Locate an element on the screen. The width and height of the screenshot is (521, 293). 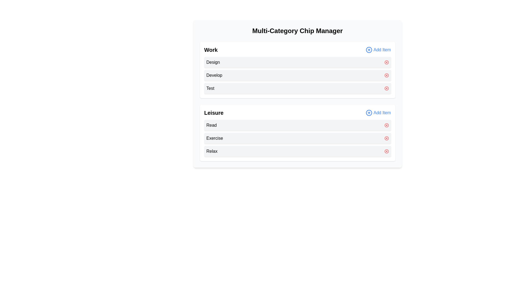
red 'X' button next to the item 'Develop' in the category 'Work' is located at coordinates (386, 75).